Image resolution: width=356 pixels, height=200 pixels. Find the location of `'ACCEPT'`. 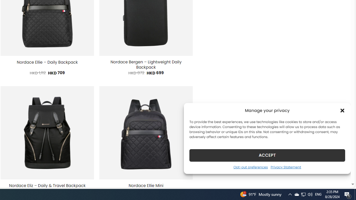

'ACCEPT' is located at coordinates (267, 155).